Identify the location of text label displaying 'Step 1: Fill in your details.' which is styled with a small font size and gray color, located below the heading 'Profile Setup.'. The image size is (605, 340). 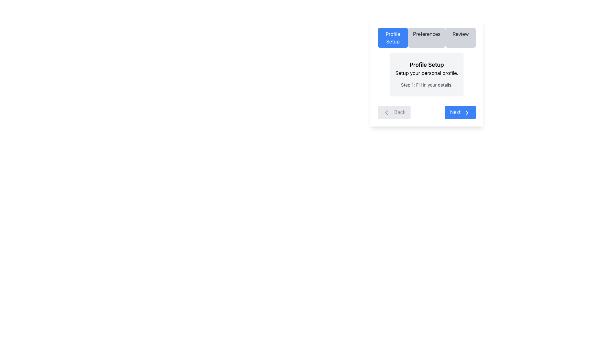
(427, 85).